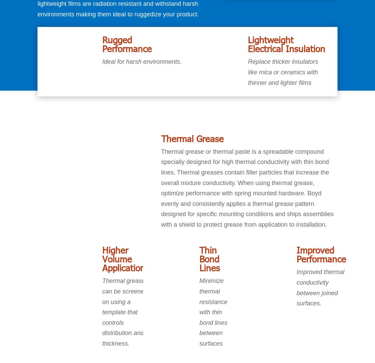 The image size is (375, 363). Describe the element at coordinates (125, 312) in the screenshot. I see `'Thermal grease can be screened on using a template that controls distribution and thickness.'` at that location.